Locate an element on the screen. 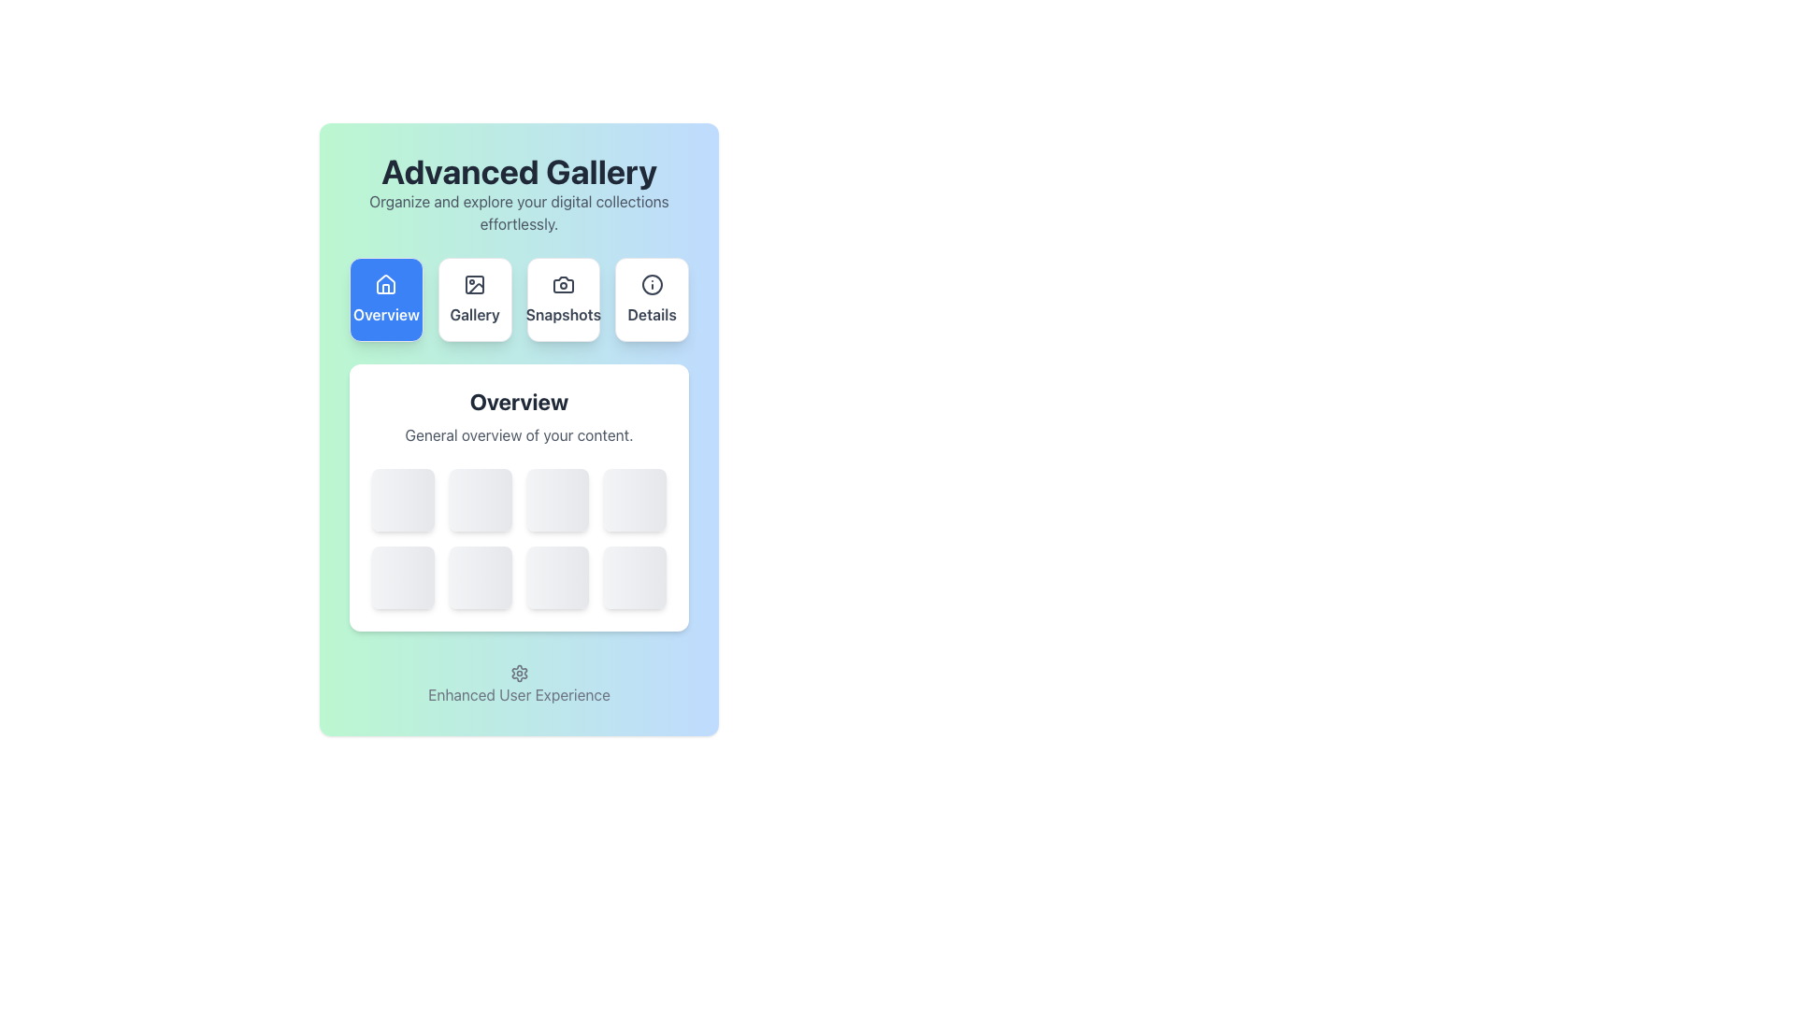 This screenshot has width=1795, height=1009. the 'Snapshots' button, which is the third button in a four-column layout, located between the 'Gallery' and 'Details' buttons, to activate hover effects is located at coordinates (562, 298).